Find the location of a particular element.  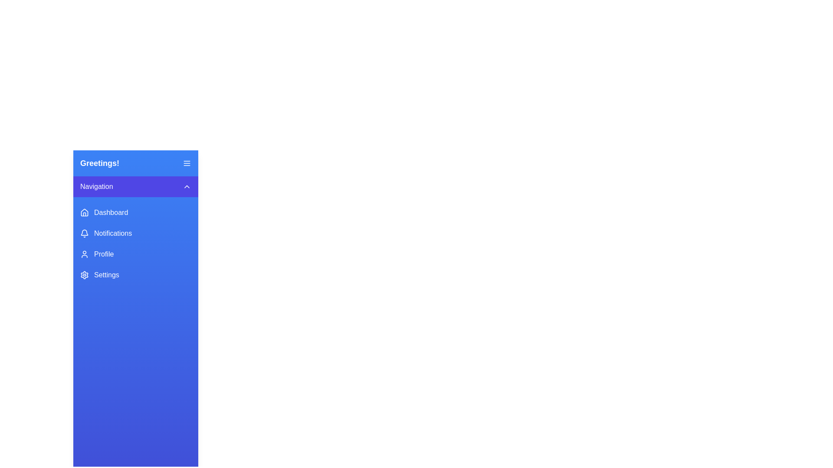

the House icon in the vertical navigation menu that represents the 'Dashboard' section is located at coordinates (85, 212).